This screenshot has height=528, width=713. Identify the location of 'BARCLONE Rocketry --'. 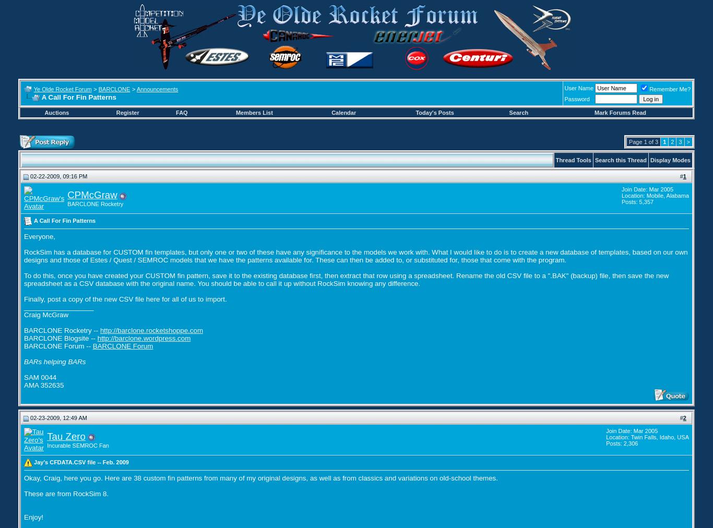
(61, 329).